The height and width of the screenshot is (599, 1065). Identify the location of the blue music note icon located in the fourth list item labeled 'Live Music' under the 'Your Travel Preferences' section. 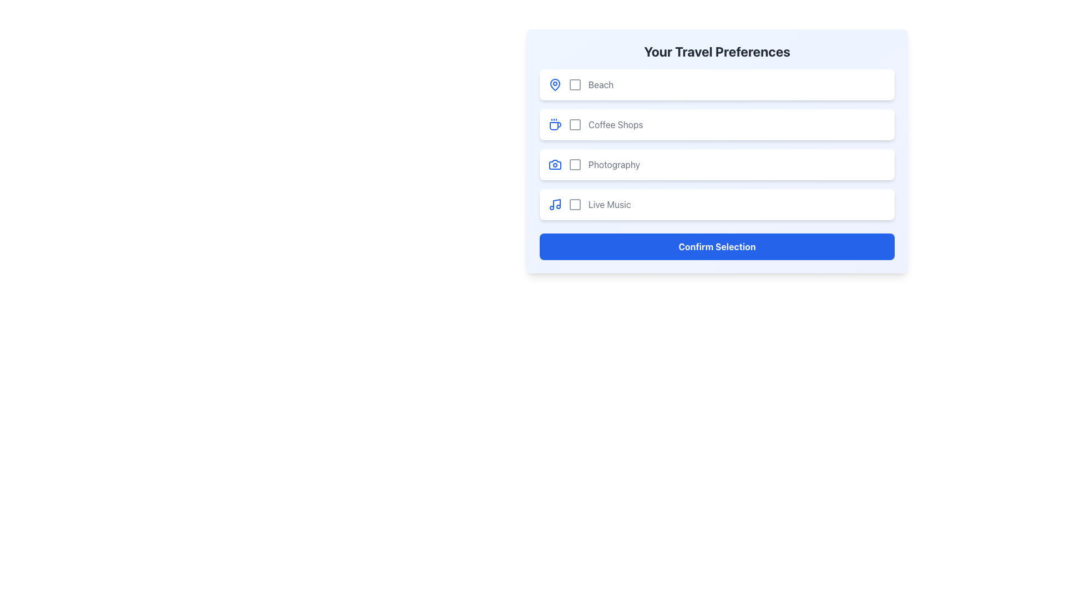
(555, 205).